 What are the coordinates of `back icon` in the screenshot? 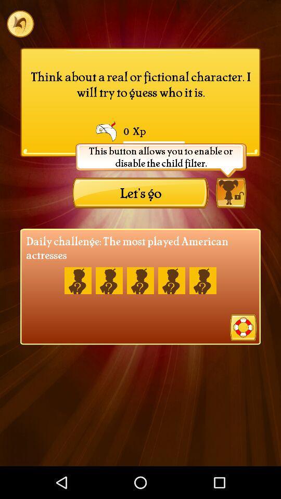 It's located at (20, 23).